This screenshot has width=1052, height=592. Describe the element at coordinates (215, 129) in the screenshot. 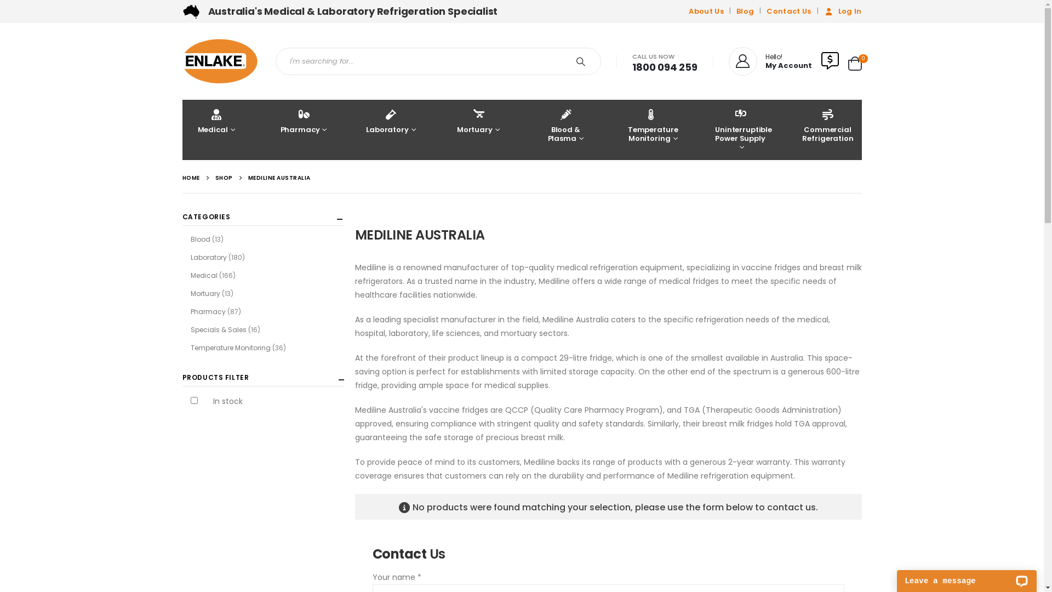

I see `'Medical'` at that location.